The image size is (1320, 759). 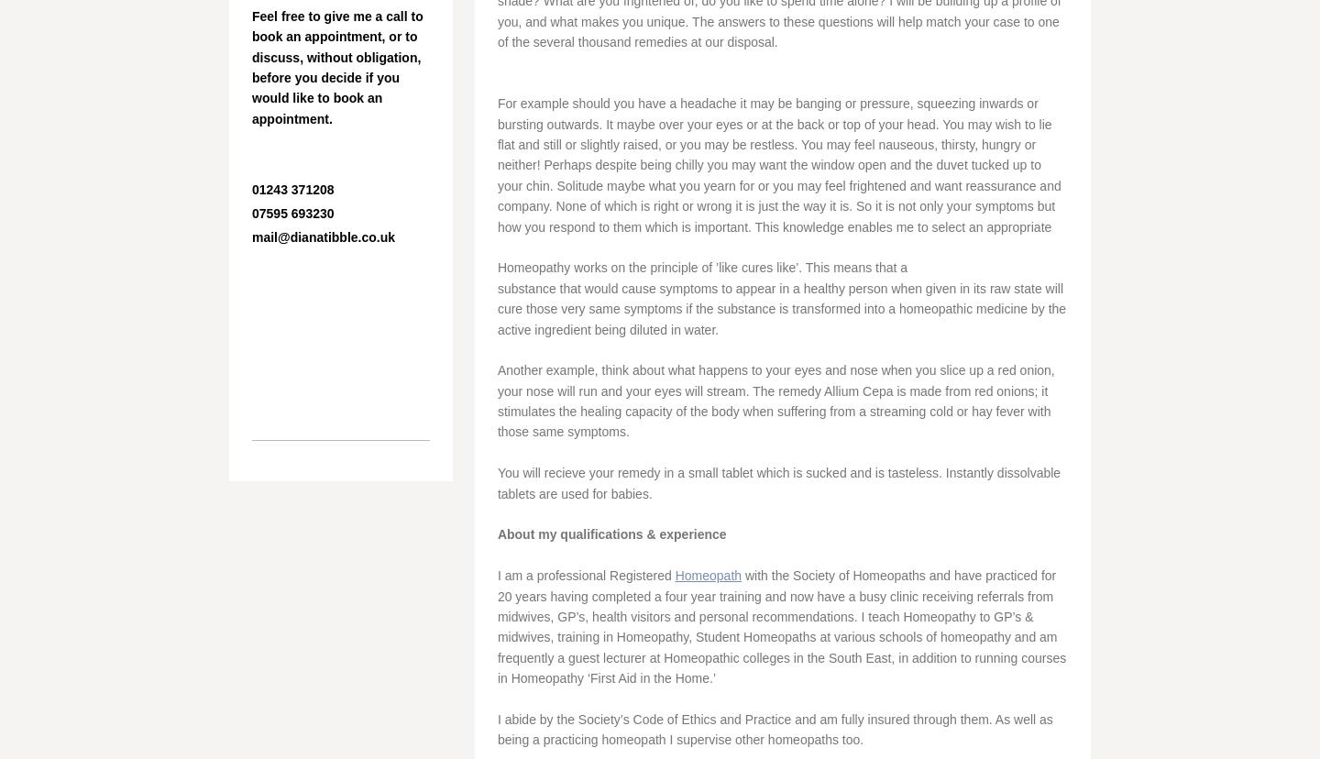 What do you see at coordinates (613, 533) in the screenshot?
I see `'About my qualifications & experience'` at bounding box center [613, 533].